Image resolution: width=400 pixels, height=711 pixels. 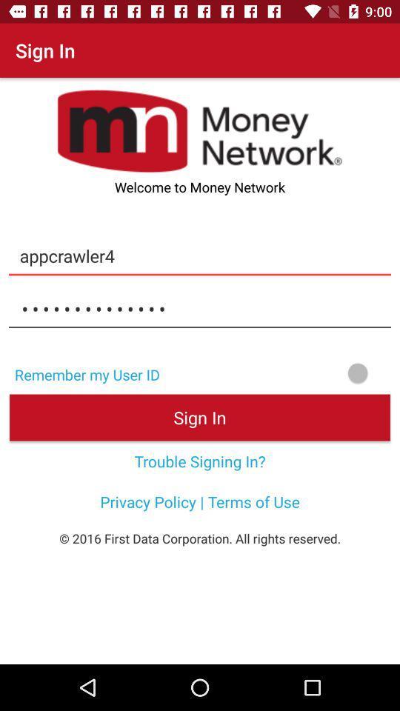 What do you see at coordinates (284, 372) in the screenshot?
I see `icon on the right` at bounding box center [284, 372].